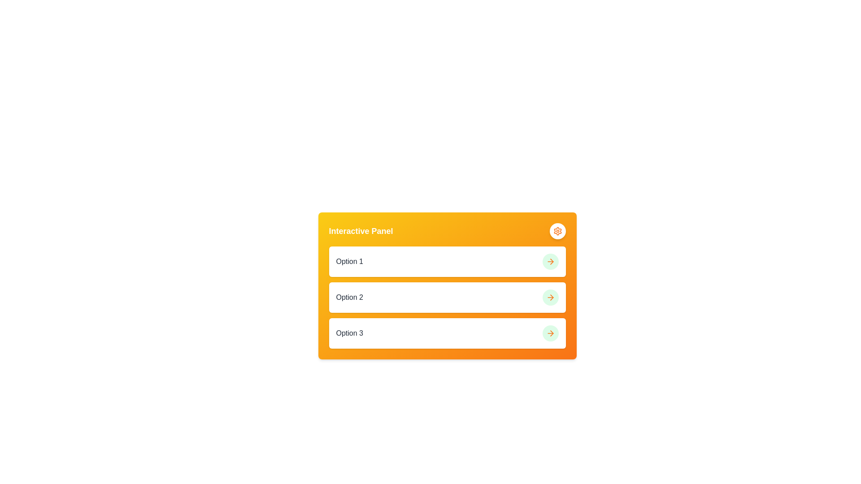 The height and width of the screenshot is (484, 861). I want to click on the circular button with an orange arrow on a light green background, located at the far right side of the 'Option 3' row, so click(550, 333).